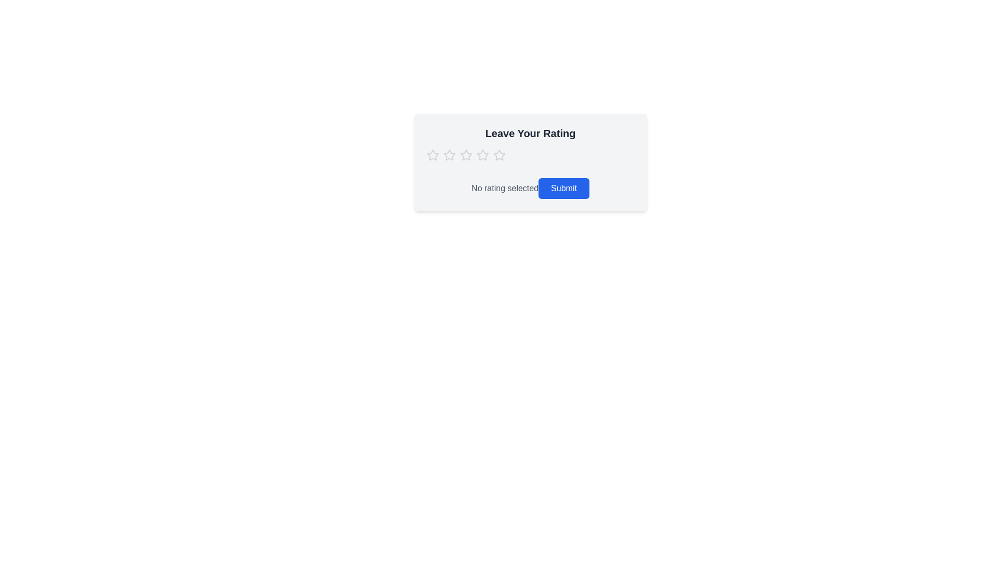 This screenshot has height=561, width=998. I want to click on the text label displaying 'No rating selected', which is styled in gray color and positioned below the star icons in the 'Leave Your Rating' section, so click(505, 188).